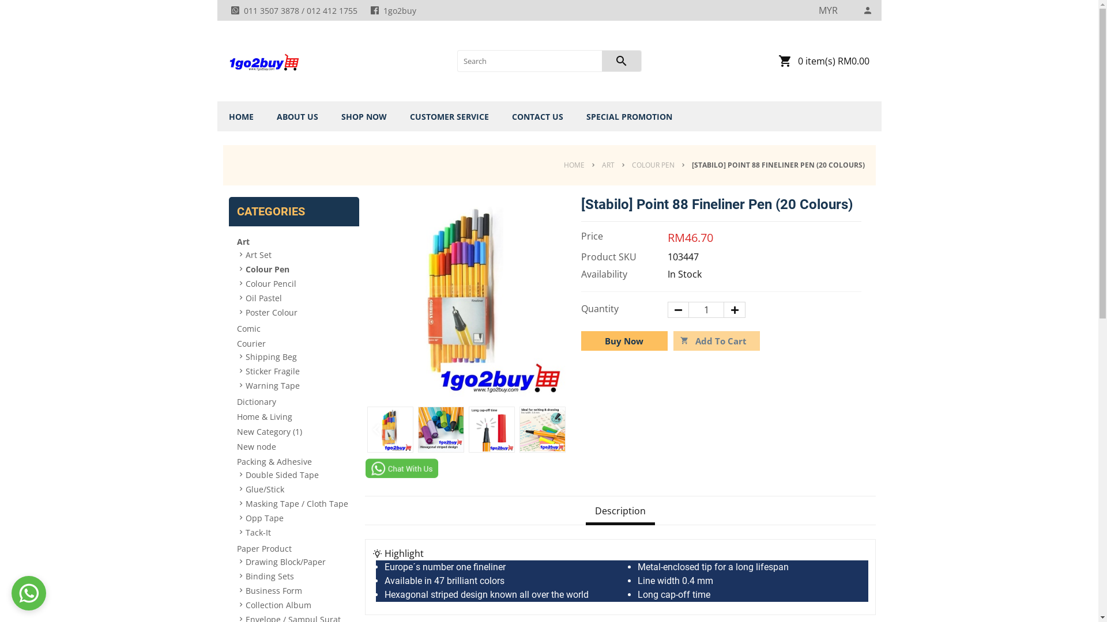 Image resolution: width=1107 pixels, height=622 pixels. Describe the element at coordinates (293, 416) in the screenshot. I see `'Home & Living'` at that location.